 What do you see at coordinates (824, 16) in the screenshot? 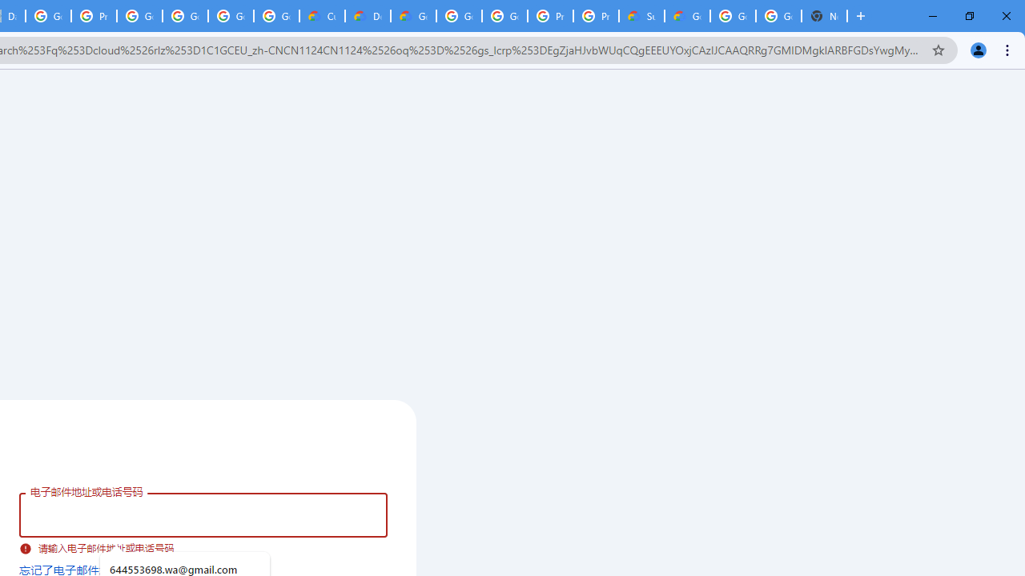
I see `'New Tab'` at bounding box center [824, 16].